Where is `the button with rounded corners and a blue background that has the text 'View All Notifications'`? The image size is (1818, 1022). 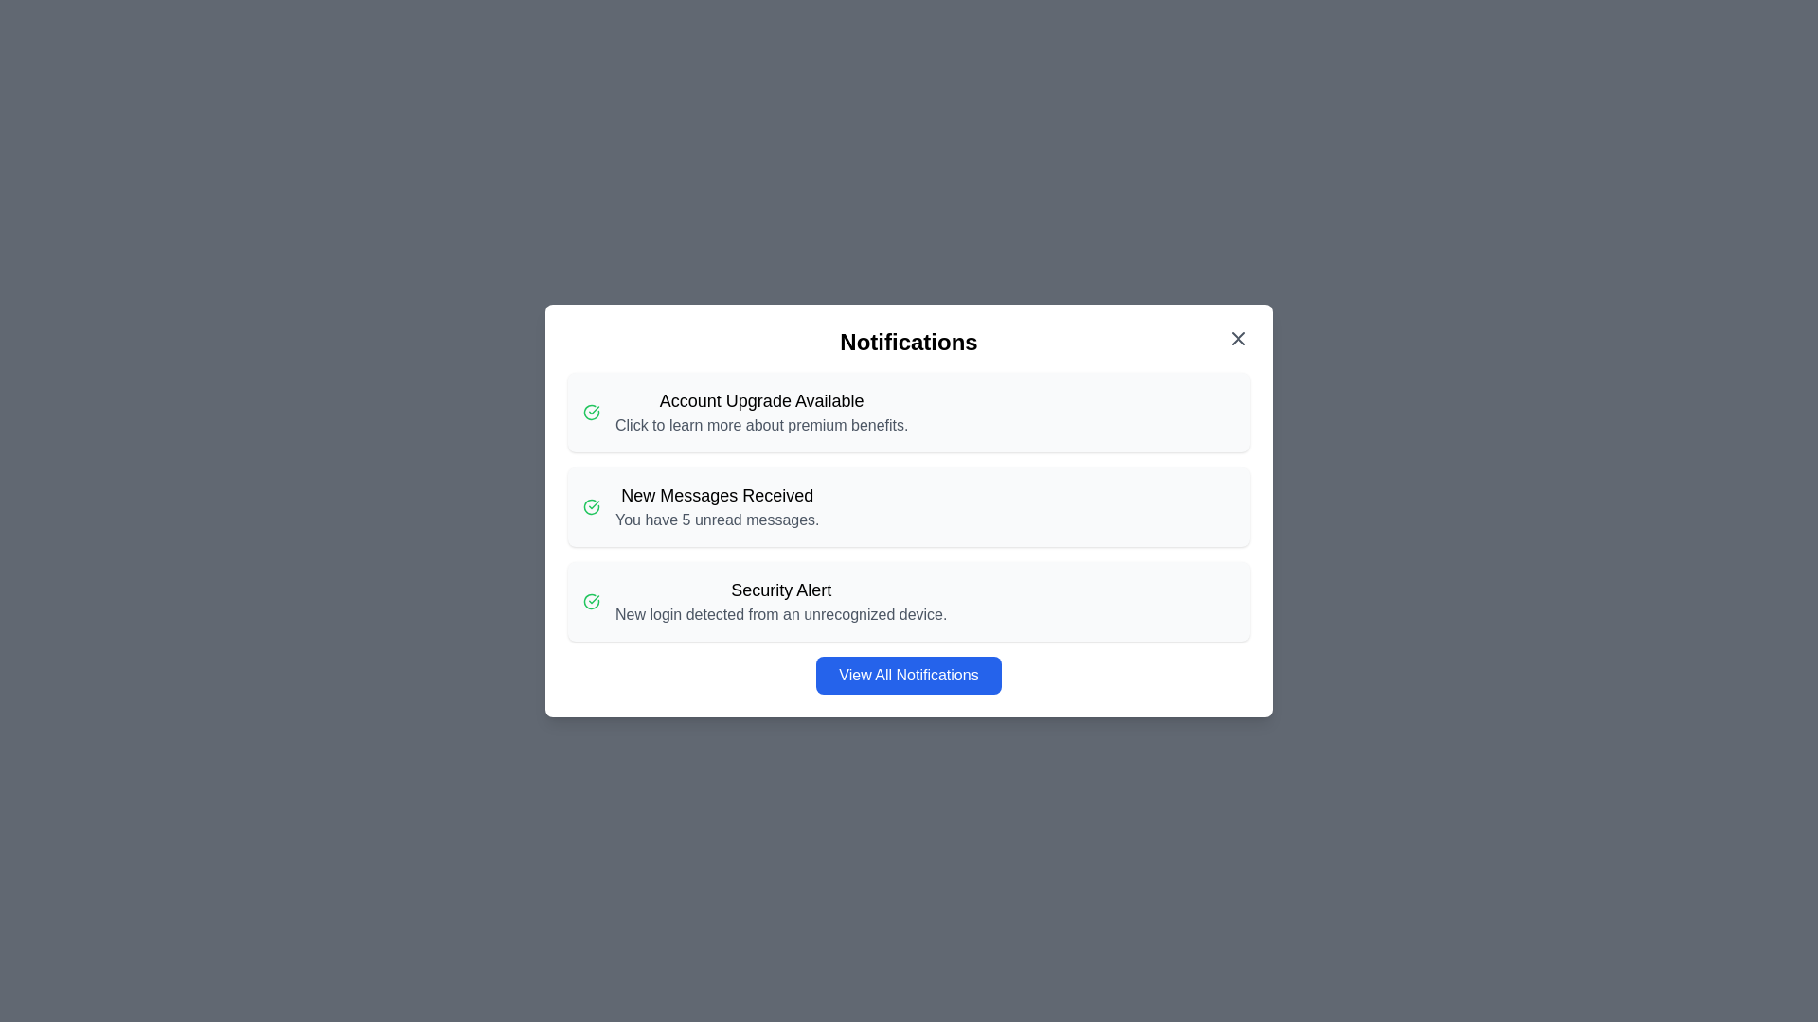 the button with rounded corners and a blue background that has the text 'View All Notifications' is located at coordinates (909, 666).